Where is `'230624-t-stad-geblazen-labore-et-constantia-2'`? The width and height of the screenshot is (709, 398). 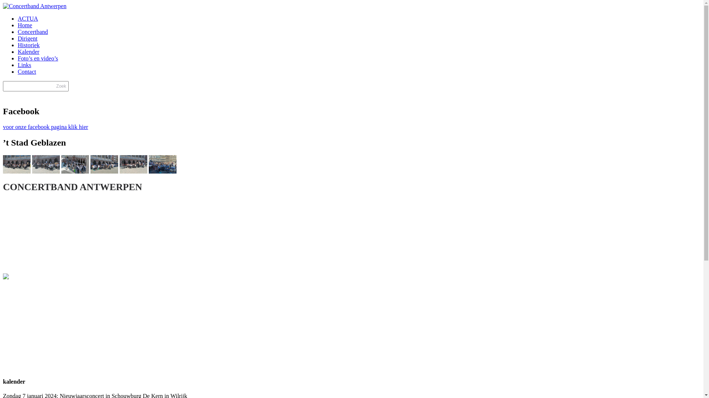
'230624-t-stad-geblazen-labore-et-constantia-2' is located at coordinates (133, 164).